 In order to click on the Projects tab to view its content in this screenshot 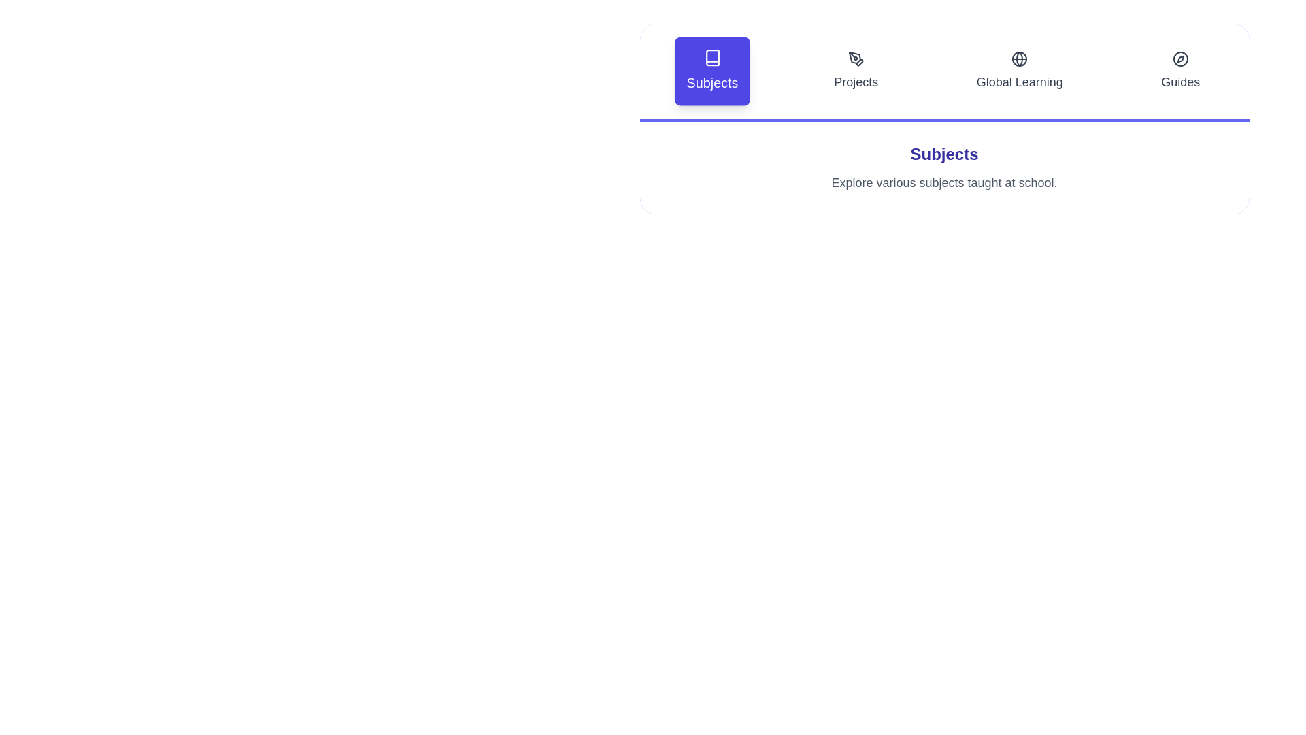, I will do `click(855, 71)`.